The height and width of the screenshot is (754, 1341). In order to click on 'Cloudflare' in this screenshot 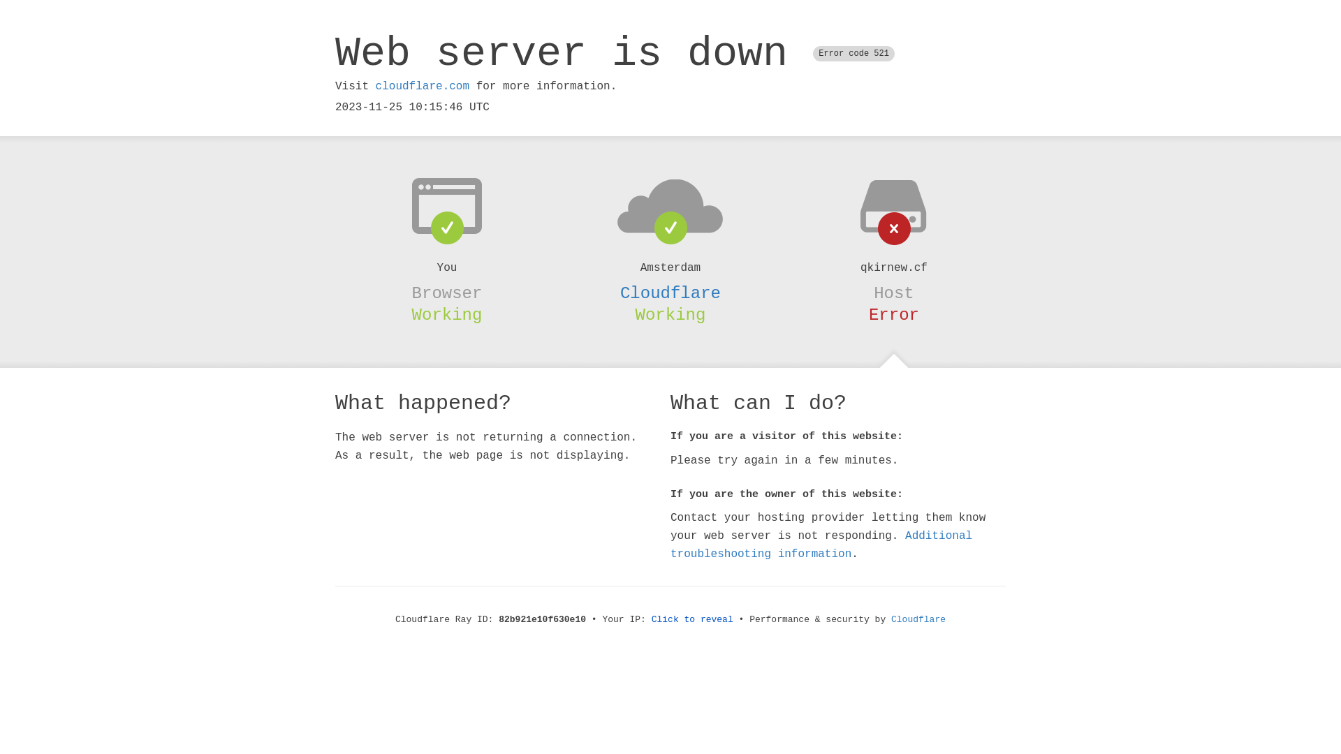, I will do `click(670, 293)`.